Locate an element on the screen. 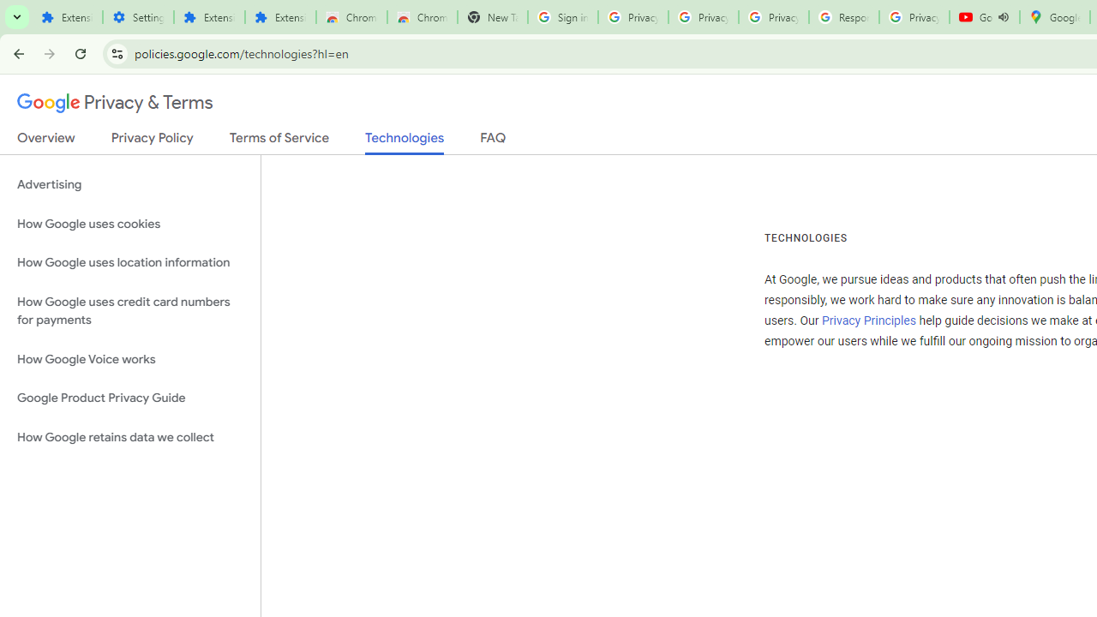  'How Google uses cookies' is located at coordinates (129, 223).